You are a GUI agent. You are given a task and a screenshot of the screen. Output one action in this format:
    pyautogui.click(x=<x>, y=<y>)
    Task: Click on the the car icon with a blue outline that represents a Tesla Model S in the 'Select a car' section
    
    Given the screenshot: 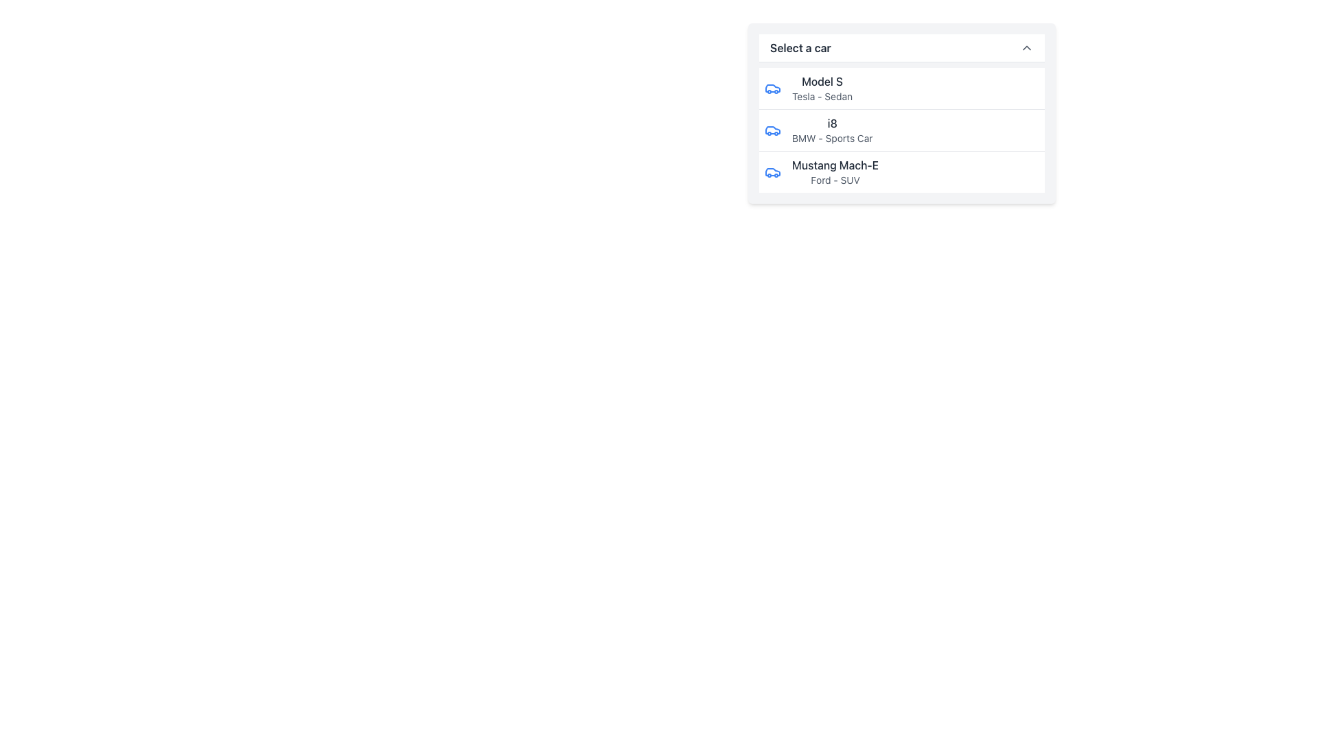 What is the action you would take?
    pyautogui.click(x=773, y=88)
    